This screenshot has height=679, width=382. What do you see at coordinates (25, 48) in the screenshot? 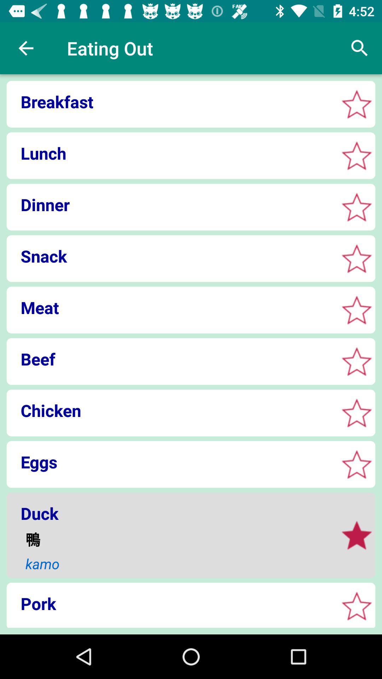
I see `the icon above the breakfast` at bounding box center [25, 48].